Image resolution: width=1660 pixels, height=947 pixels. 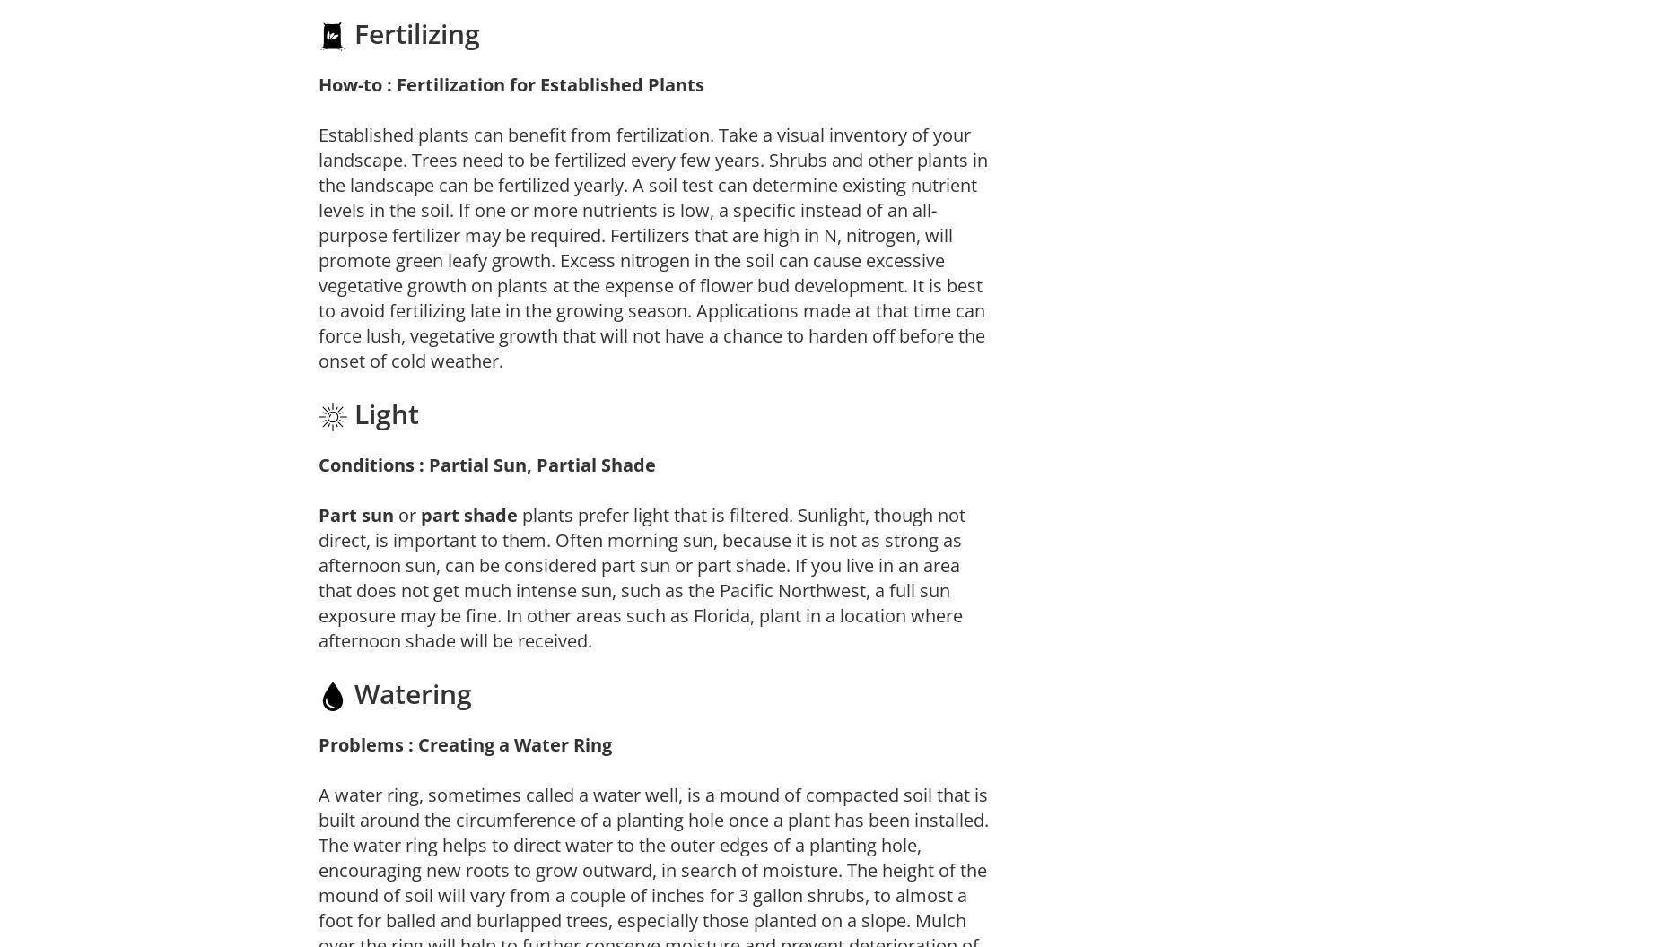 What do you see at coordinates (381, 413) in the screenshot?
I see `'Light'` at bounding box center [381, 413].